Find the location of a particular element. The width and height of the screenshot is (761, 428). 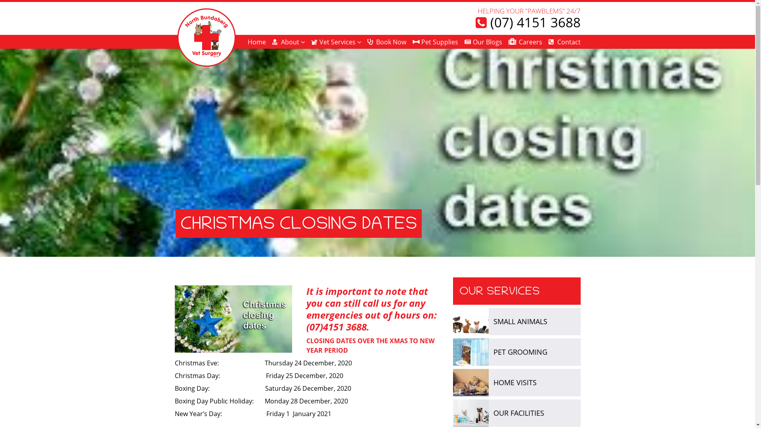

'Book Now' is located at coordinates (386, 42).